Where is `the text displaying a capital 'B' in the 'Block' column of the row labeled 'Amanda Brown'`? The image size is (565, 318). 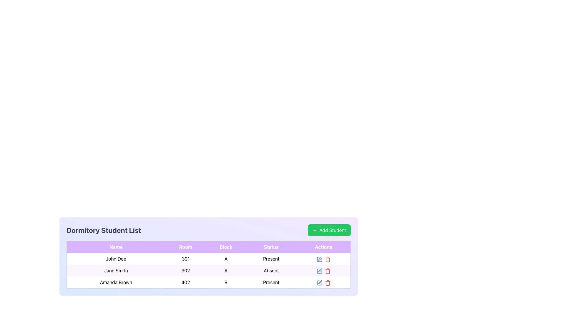 the text displaying a capital 'B' in the 'Block' column of the row labeled 'Amanda Brown' is located at coordinates (226, 282).